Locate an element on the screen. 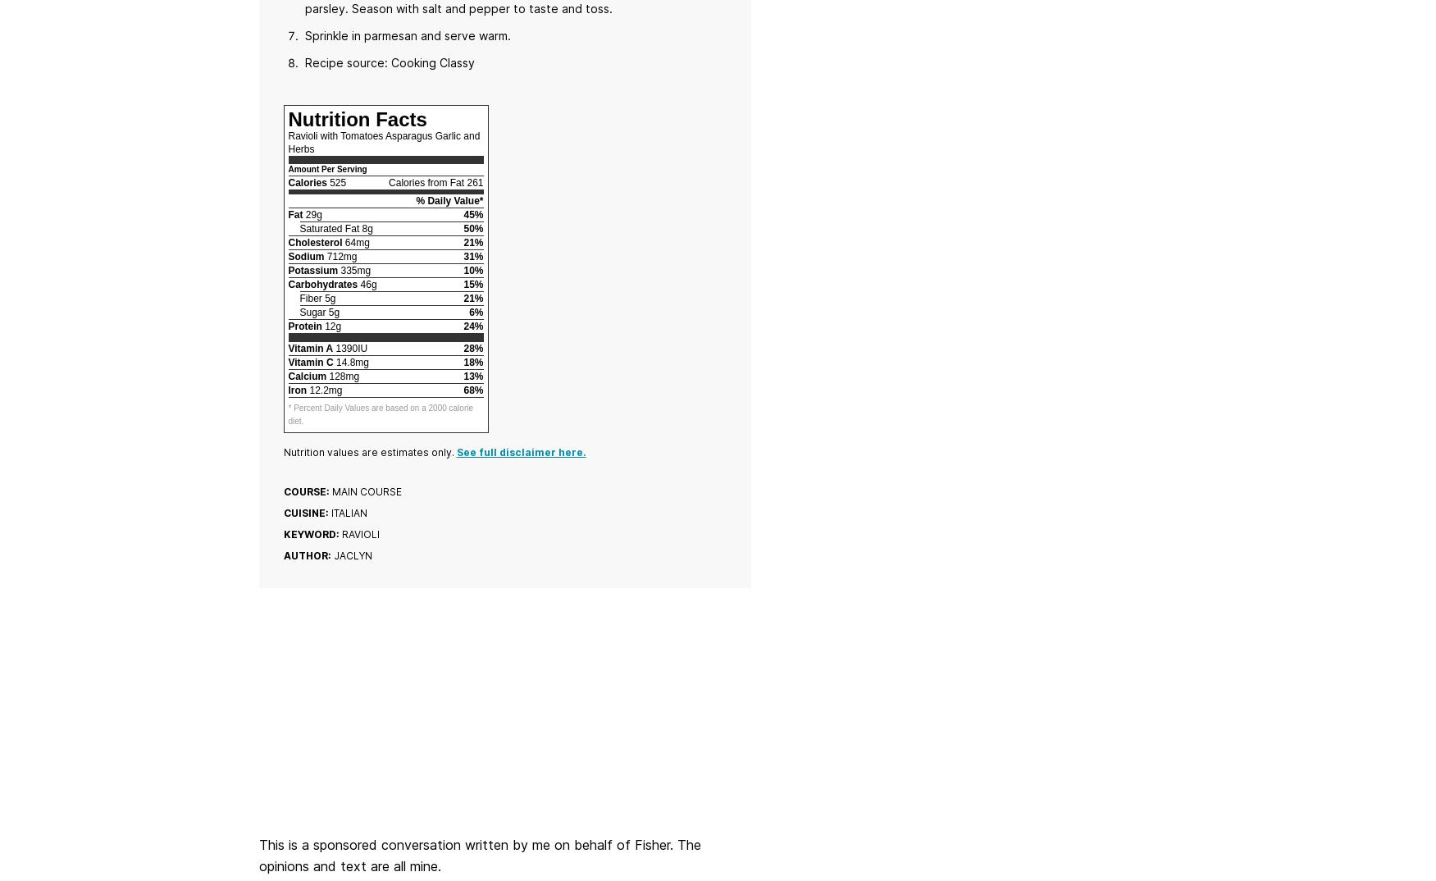 This screenshot has height=881, width=1436. '31%' is located at coordinates (472, 256).